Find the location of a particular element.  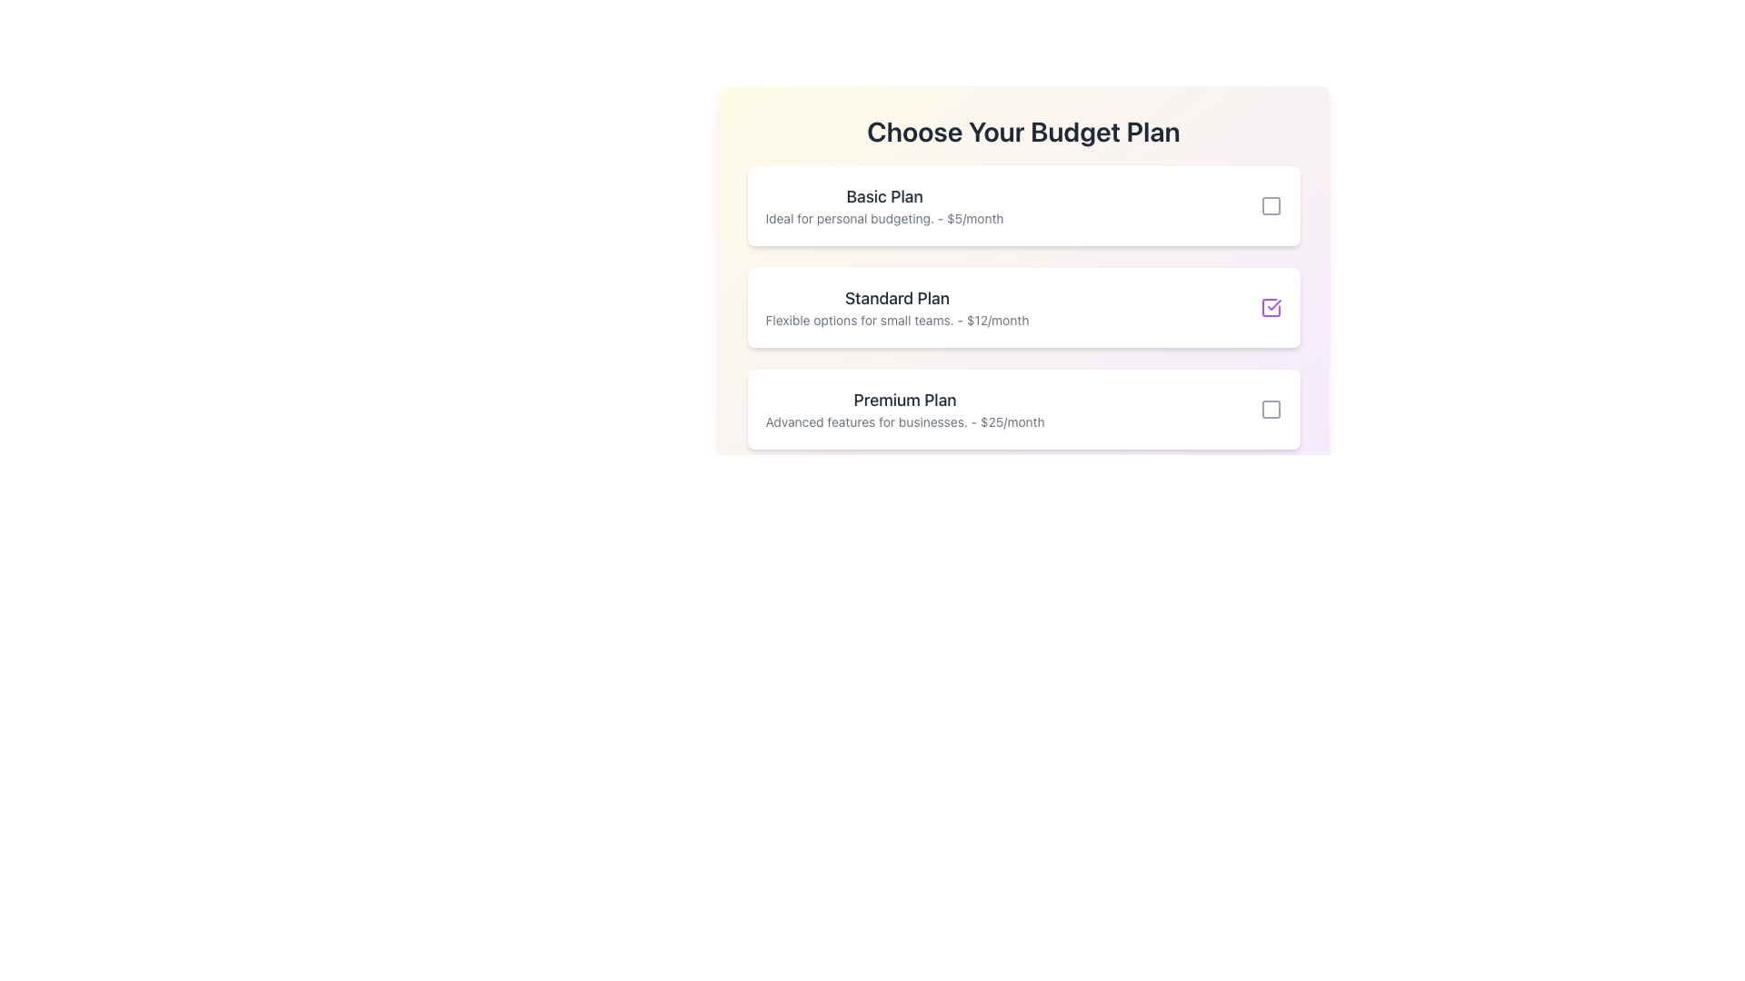

information displayed in the 'Basic Plan' text block, which includes the bolded title 'Basic Plan' and the description 'Ideal for personal budgeting. - $5/month' is located at coordinates (884, 205).